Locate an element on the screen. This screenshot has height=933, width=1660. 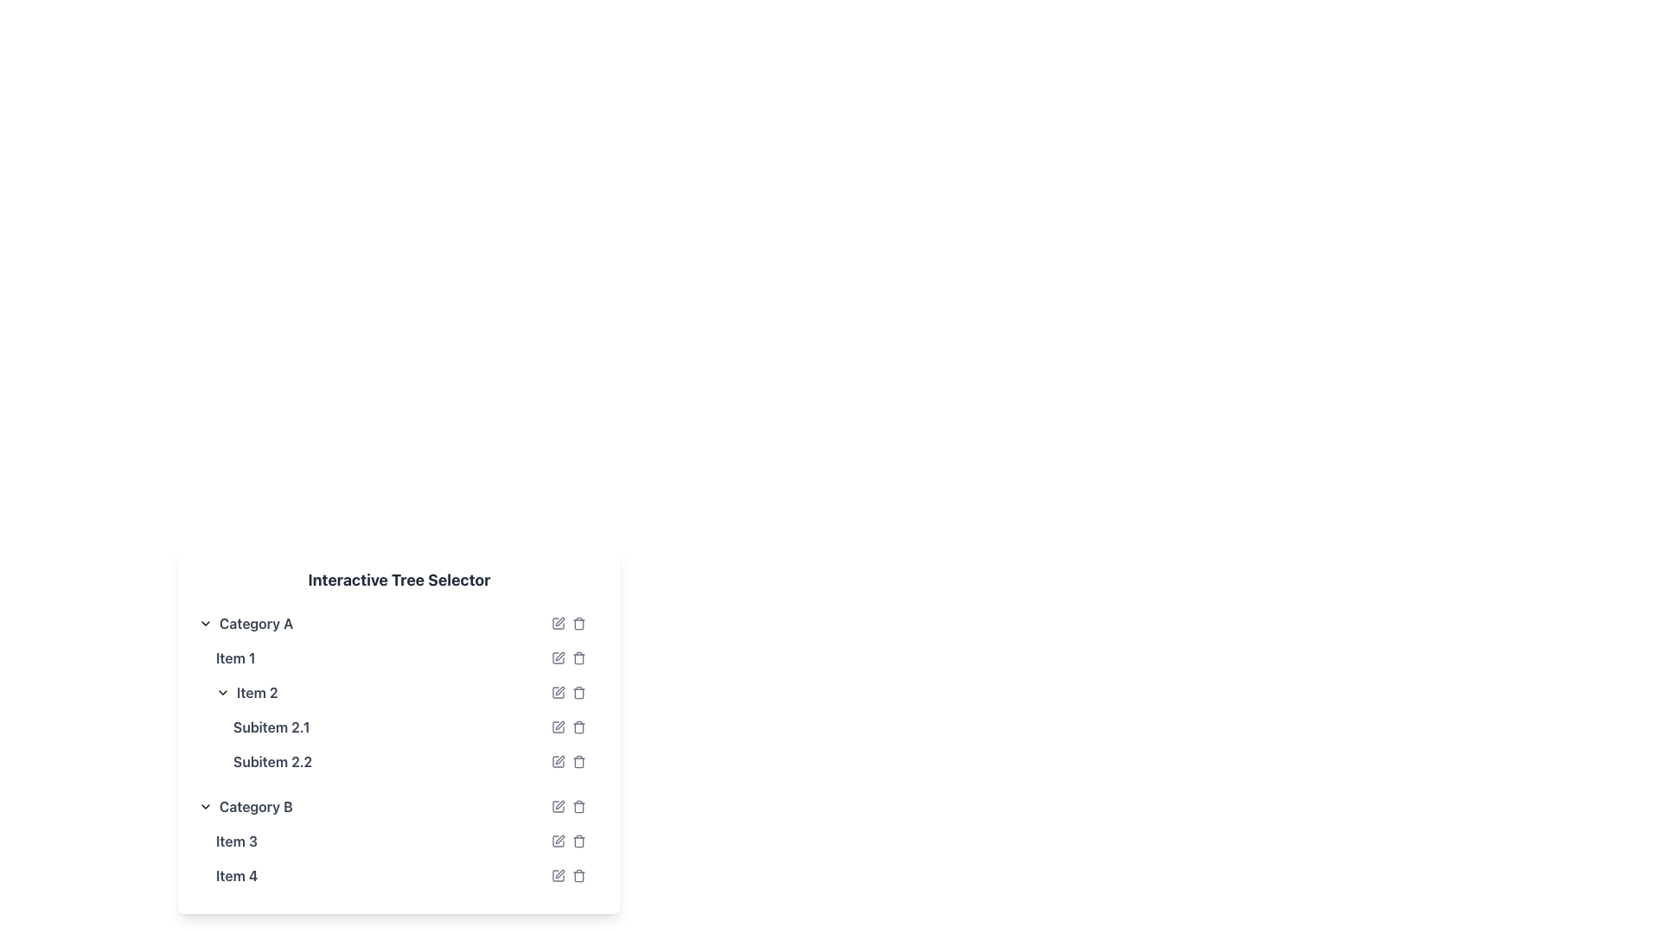
the editing icon associated with 'Category B' in the tree selector menu, which signifies the ability to modify this category is located at coordinates (560, 805).